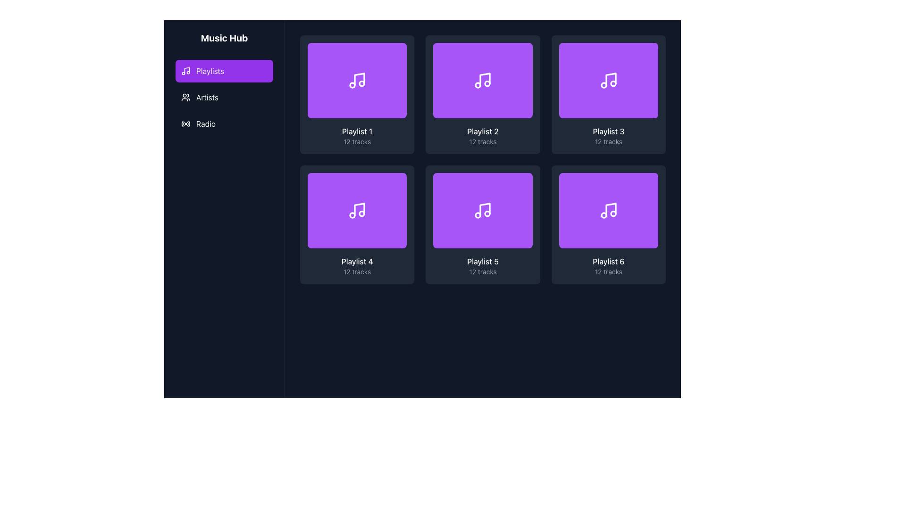 This screenshot has width=906, height=509. Describe the element at coordinates (483, 80) in the screenshot. I see `the button representing 'Playlist 2'` at that location.